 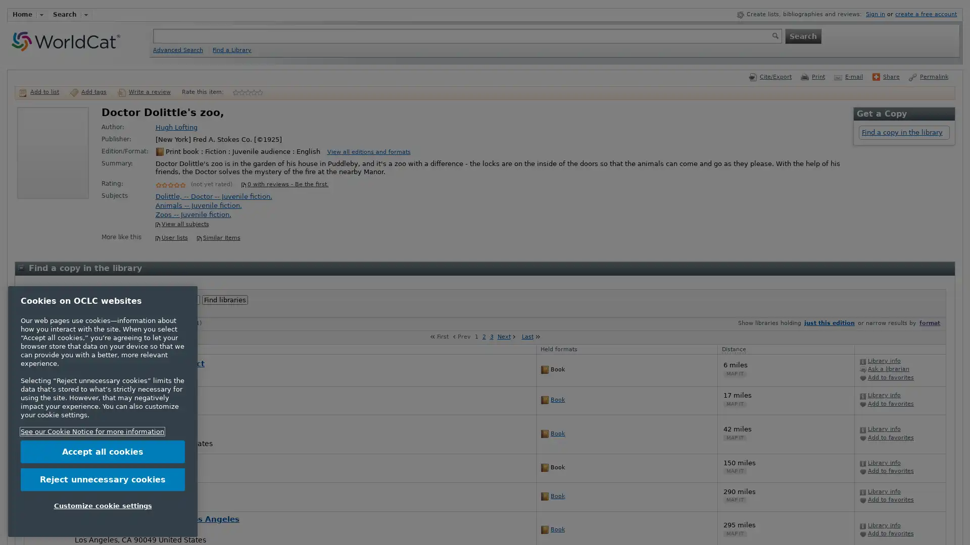 I want to click on Search, so click(x=802, y=35).